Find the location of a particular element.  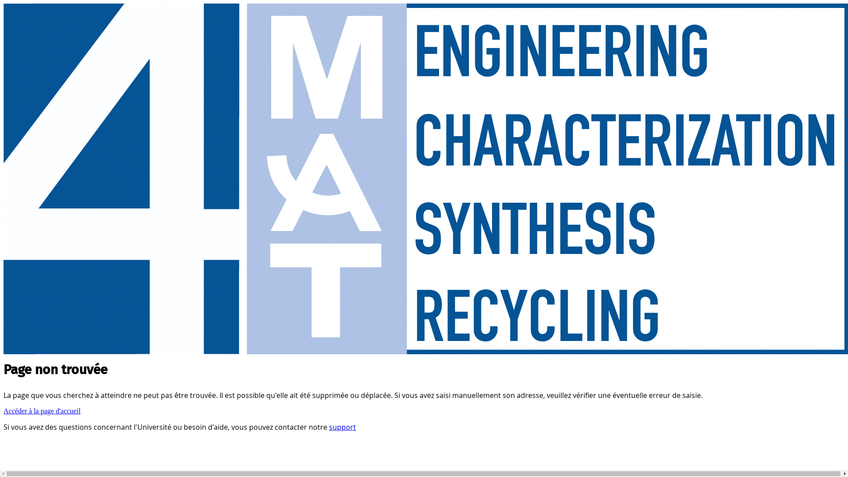

'support' is located at coordinates (342, 427).